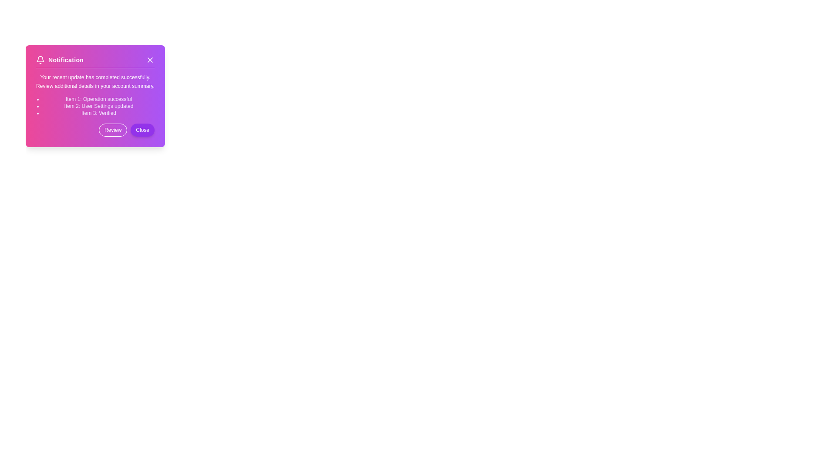 The image size is (836, 470). What do you see at coordinates (95, 105) in the screenshot?
I see `the bulleted list element located in the center of the notification box titled 'Notification', which provides details about completed actions` at bounding box center [95, 105].